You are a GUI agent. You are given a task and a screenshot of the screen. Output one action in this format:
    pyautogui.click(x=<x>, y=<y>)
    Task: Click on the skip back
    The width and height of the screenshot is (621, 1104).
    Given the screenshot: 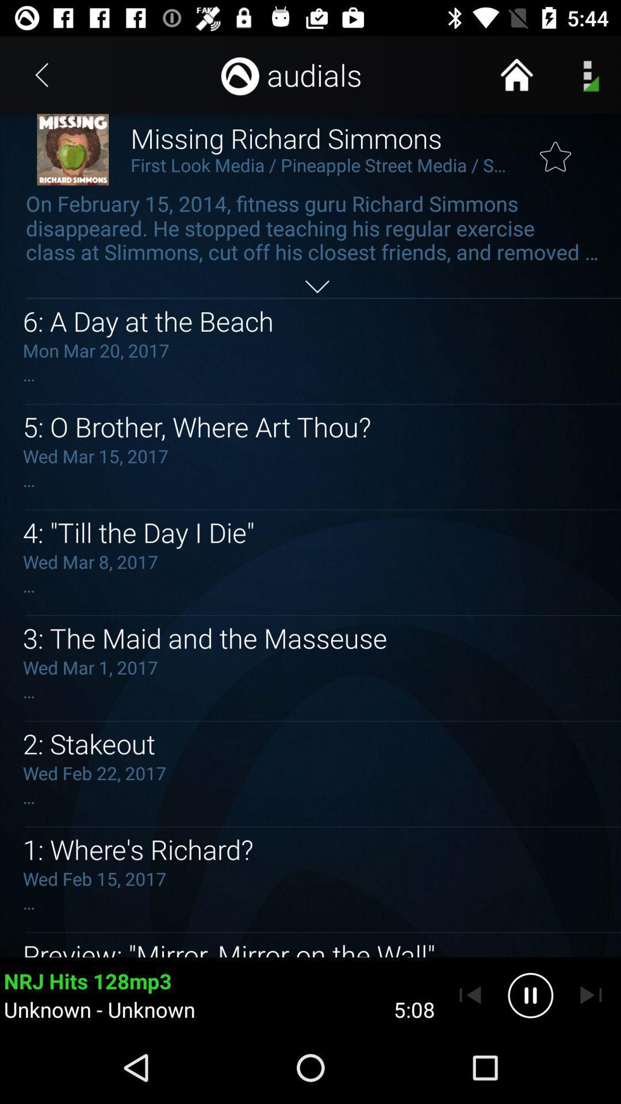 What is the action you would take?
    pyautogui.click(x=470, y=995)
    